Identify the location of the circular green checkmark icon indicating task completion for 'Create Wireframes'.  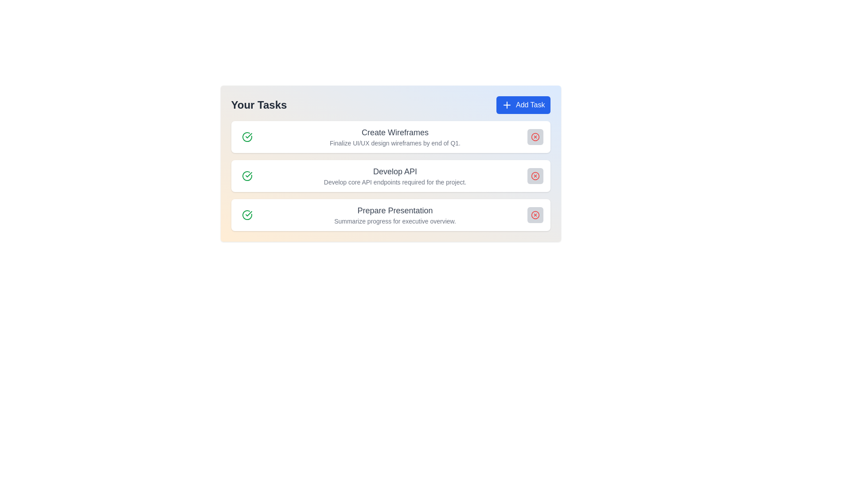
(247, 137).